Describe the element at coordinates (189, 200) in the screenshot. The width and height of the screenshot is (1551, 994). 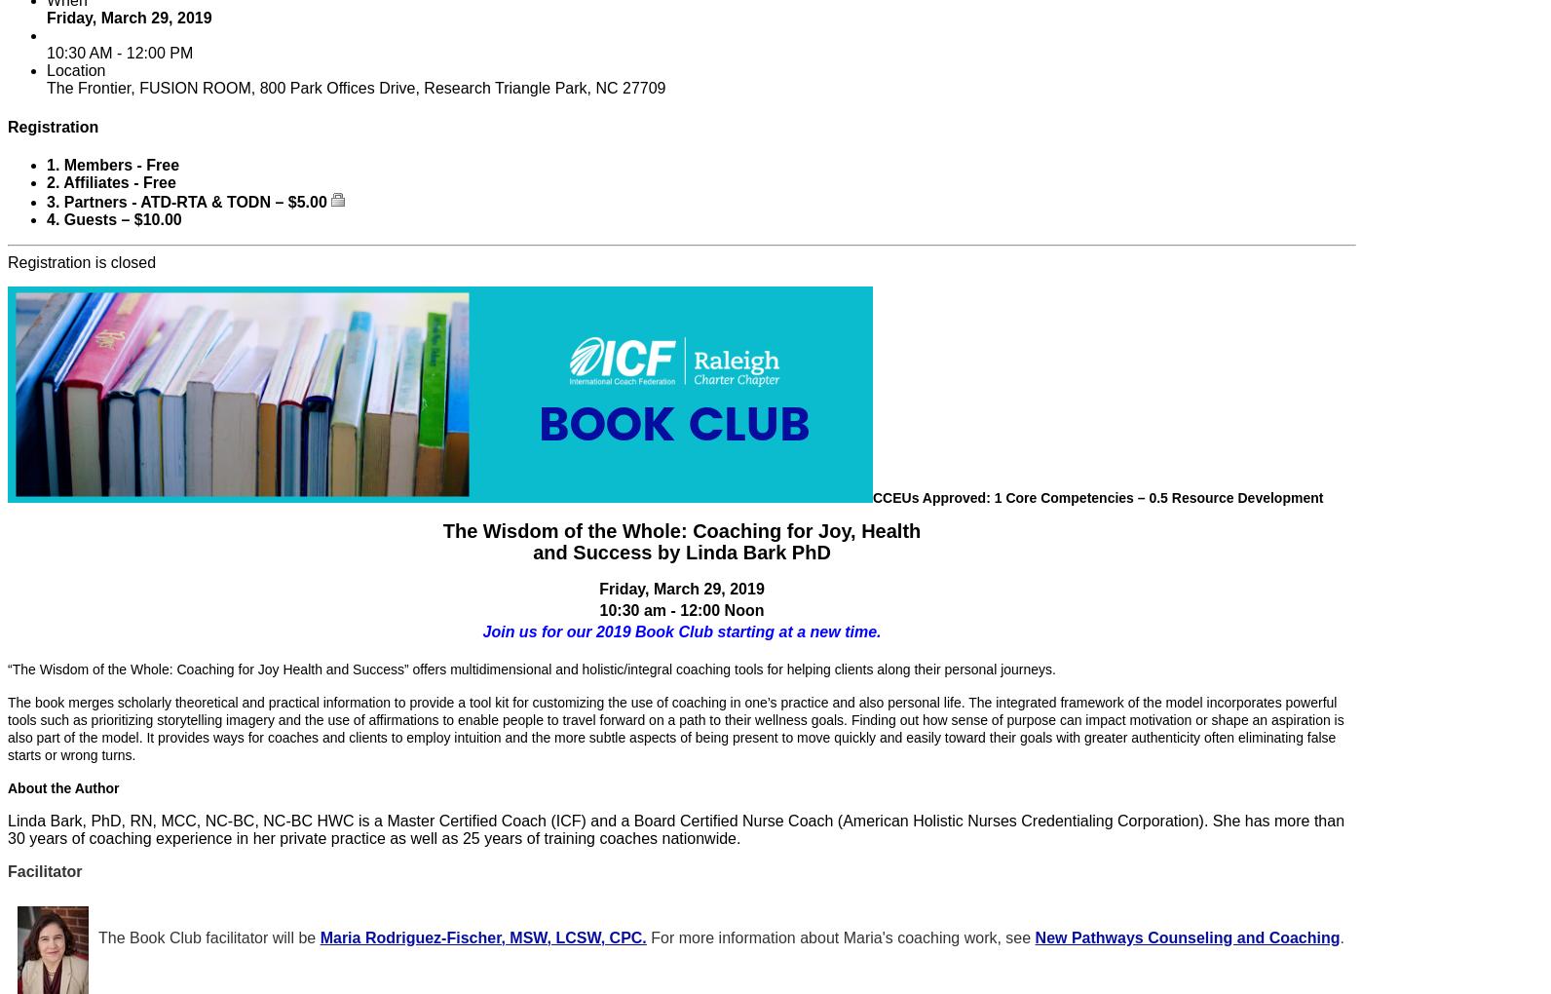
I see `'3. Partners - ATD-RTA & TODN – $5.00'` at that location.